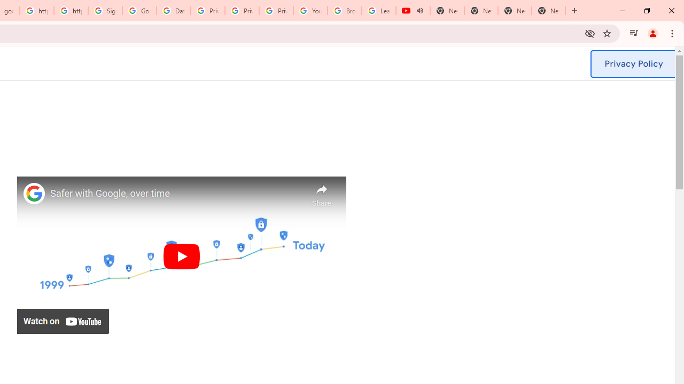 Image resolution: width=684 pixels, height=384 pixels. Describe the element at coordinates (63, 321) in the screenshot. I see `'Watch on YouTube'` at that location.